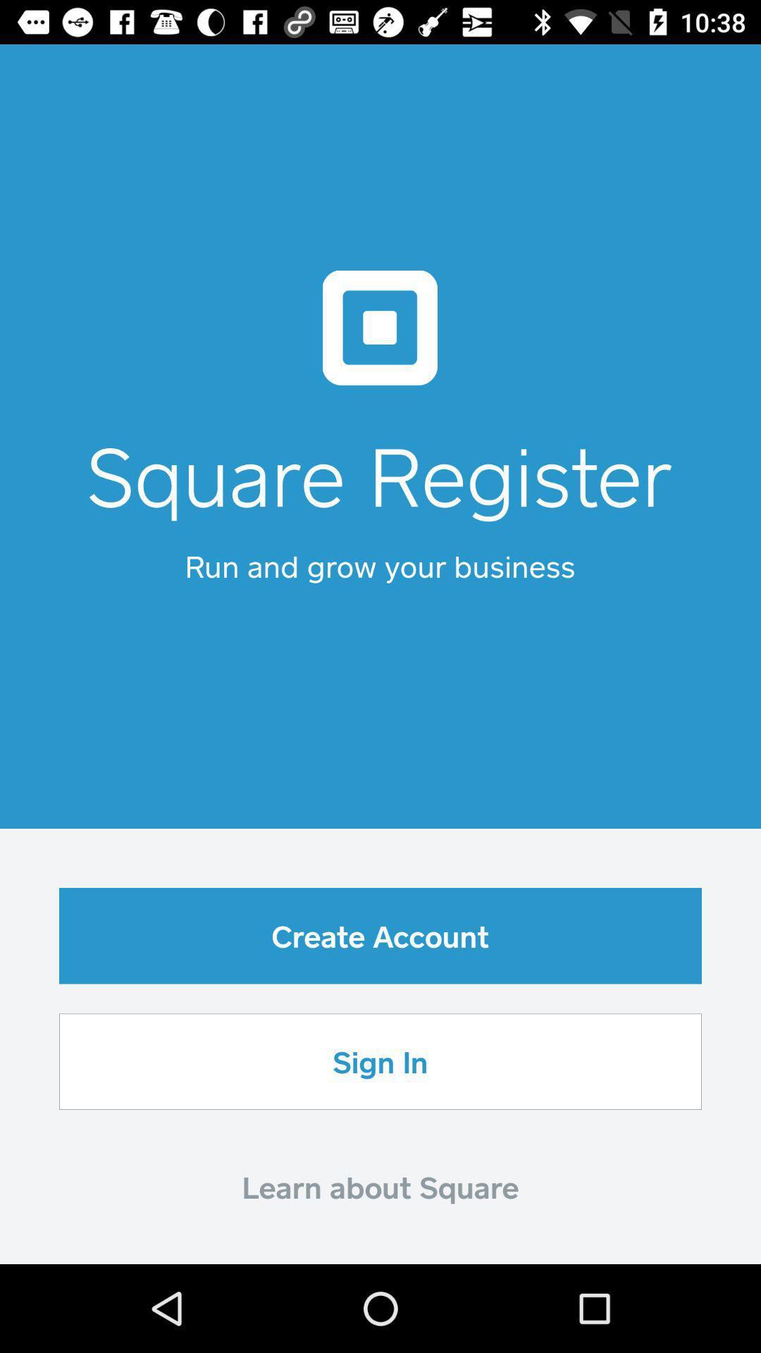 The width and height of the screenshot is (761, 1353). I want to click on sign in item, so click(380, 1061).